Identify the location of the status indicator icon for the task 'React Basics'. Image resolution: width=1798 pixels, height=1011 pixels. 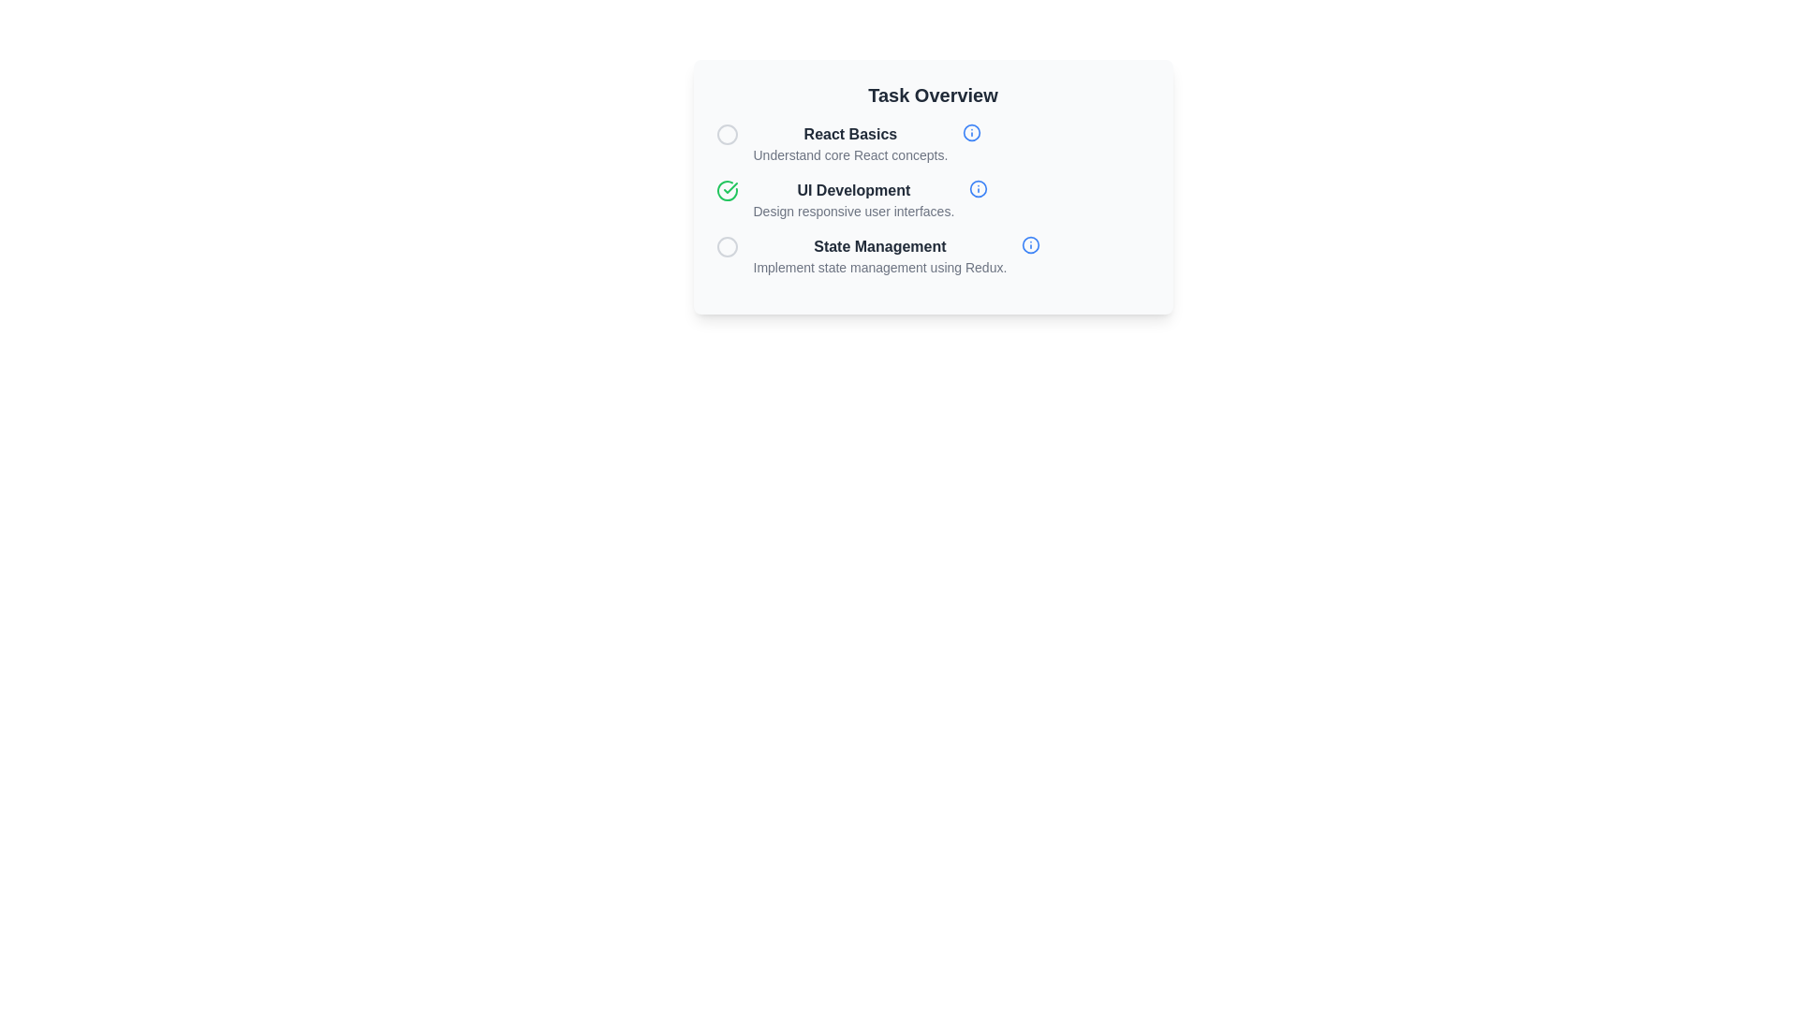
(726, 133).